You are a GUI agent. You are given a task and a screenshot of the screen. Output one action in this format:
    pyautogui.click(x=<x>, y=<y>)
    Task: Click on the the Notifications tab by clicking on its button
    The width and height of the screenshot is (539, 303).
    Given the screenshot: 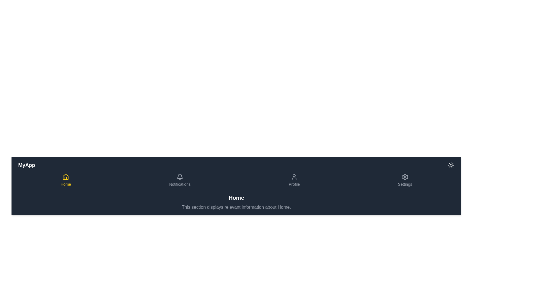 What is the action you would take?
    pyautogui.click(x=179, y=180)
    